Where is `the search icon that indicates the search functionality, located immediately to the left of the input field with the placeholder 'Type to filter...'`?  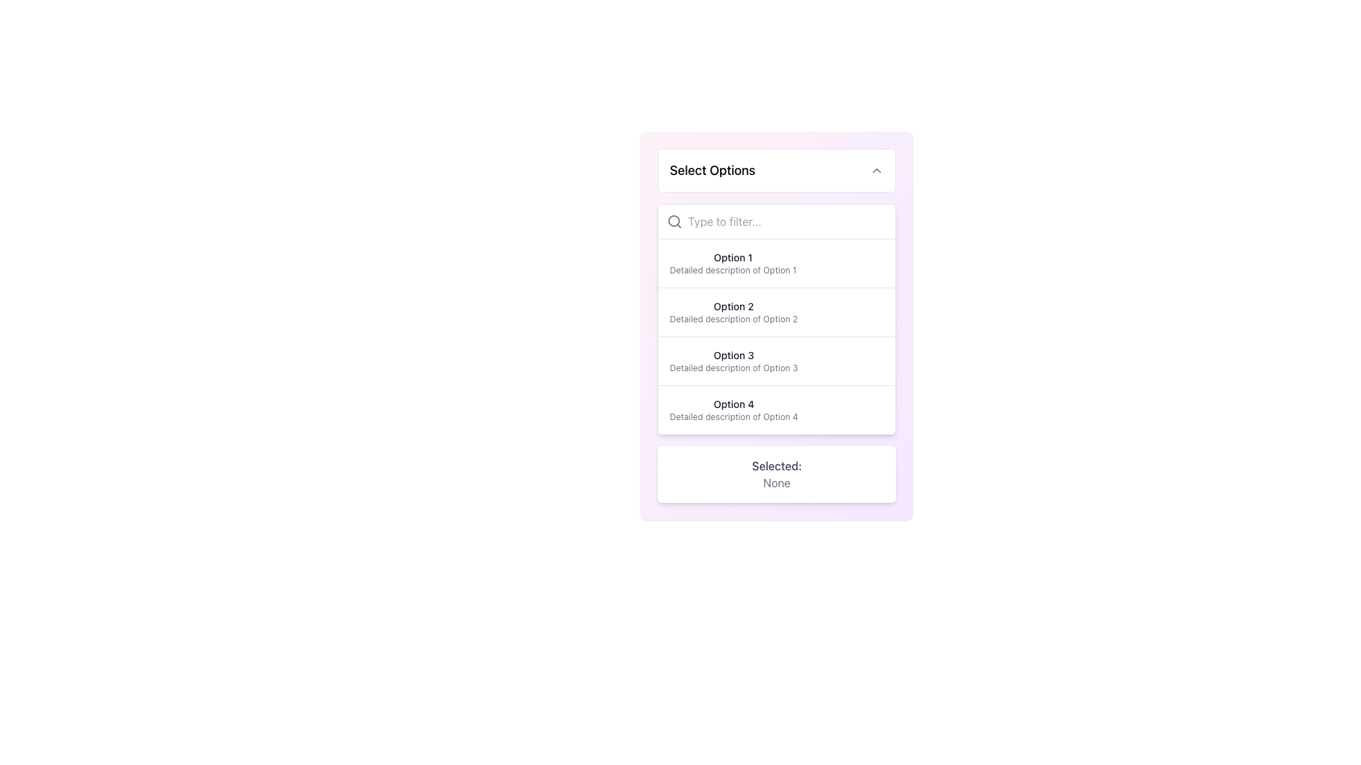
the search icon that indicates the search functionality, located immediately to the left of the input field with the placeholder 'Type to filter...' is located at coordinates (673, 221).